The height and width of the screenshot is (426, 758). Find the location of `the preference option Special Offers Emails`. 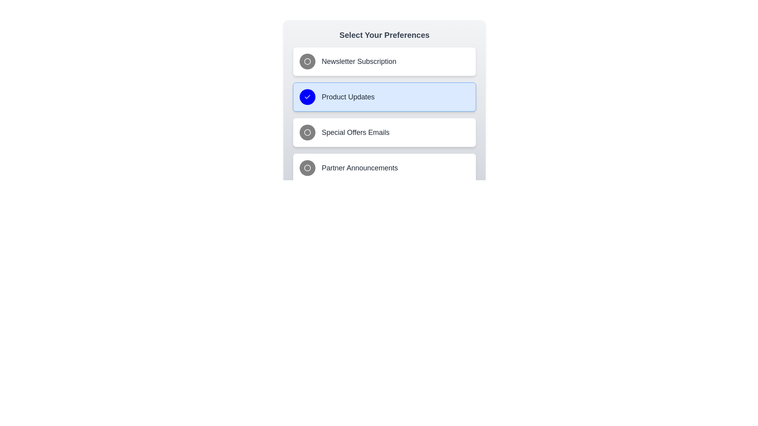

the preference option Special Offers Emails is located at coordinates (385, 132).